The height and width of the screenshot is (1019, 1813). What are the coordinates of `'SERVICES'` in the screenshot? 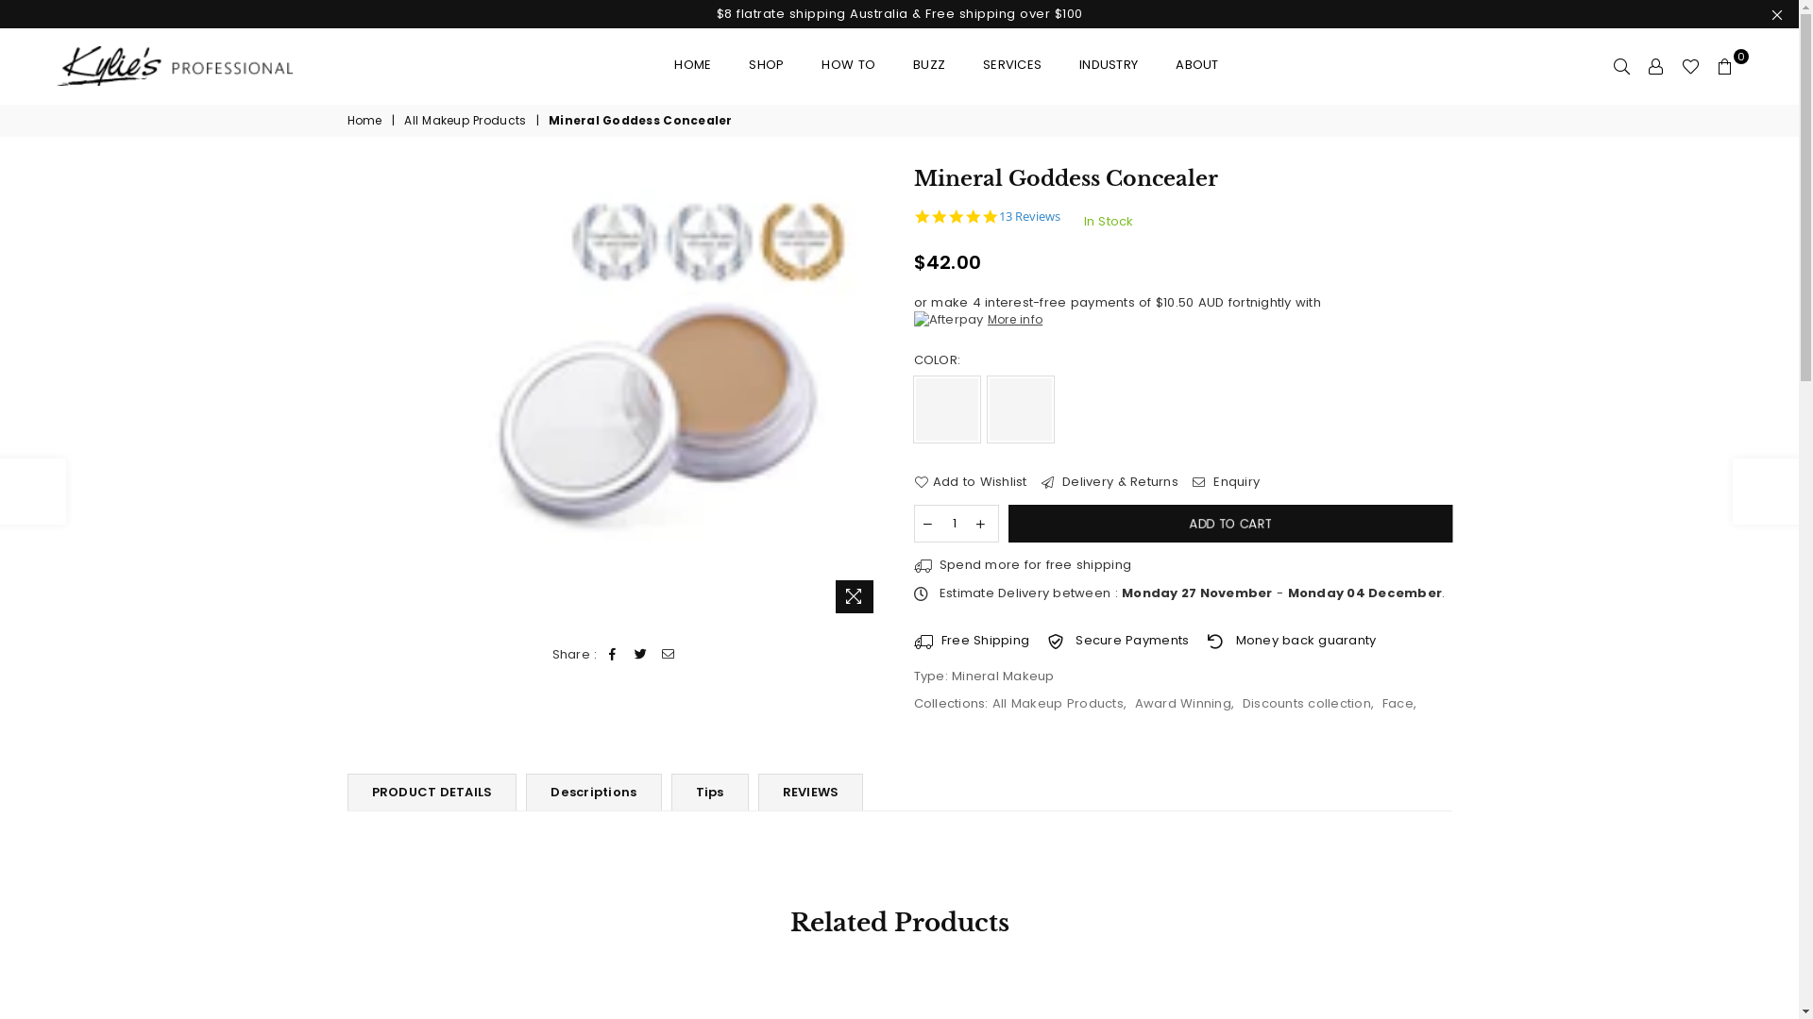 It's located at (969, 64).